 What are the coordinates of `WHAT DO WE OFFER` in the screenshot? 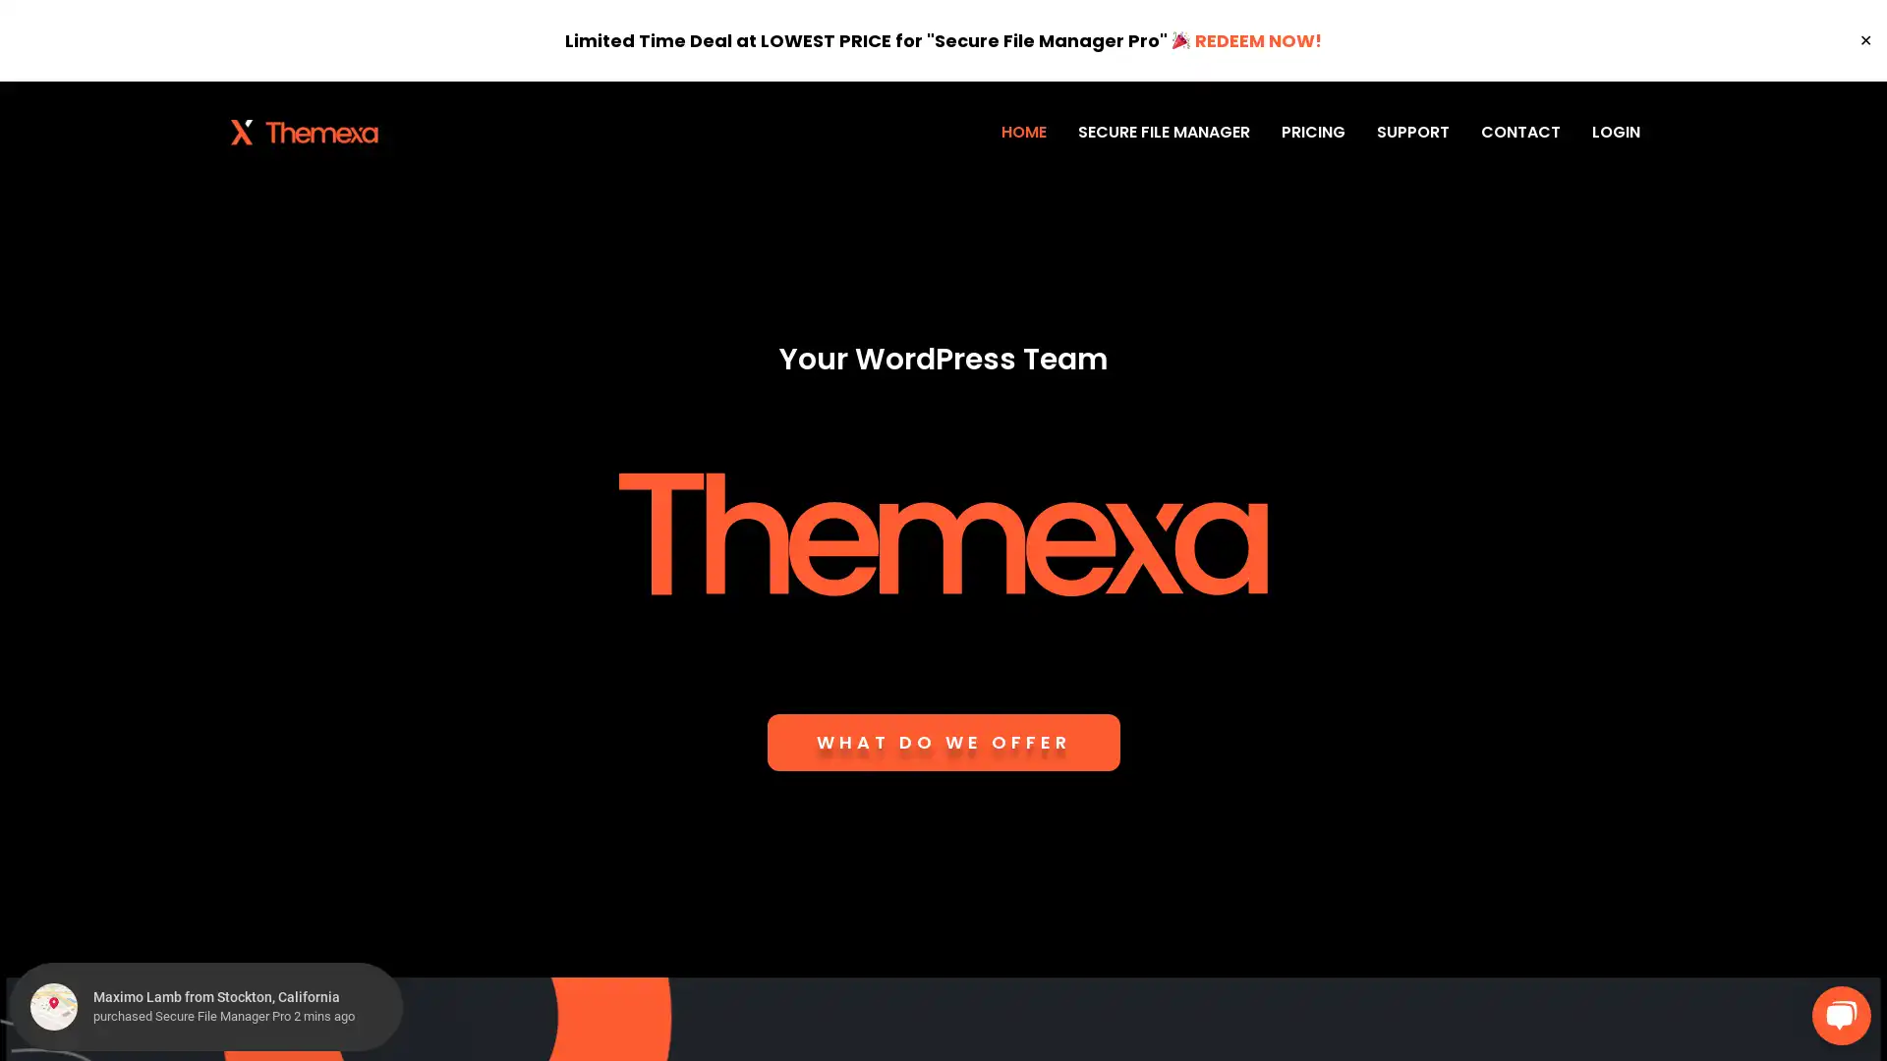 It's located at (942, 743).